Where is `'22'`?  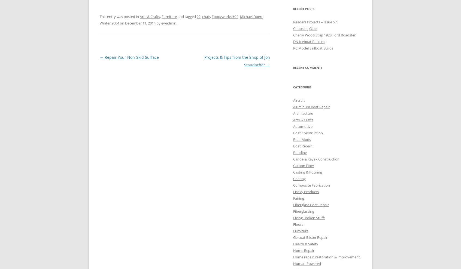
'22' is located at coordinates (198, 17).